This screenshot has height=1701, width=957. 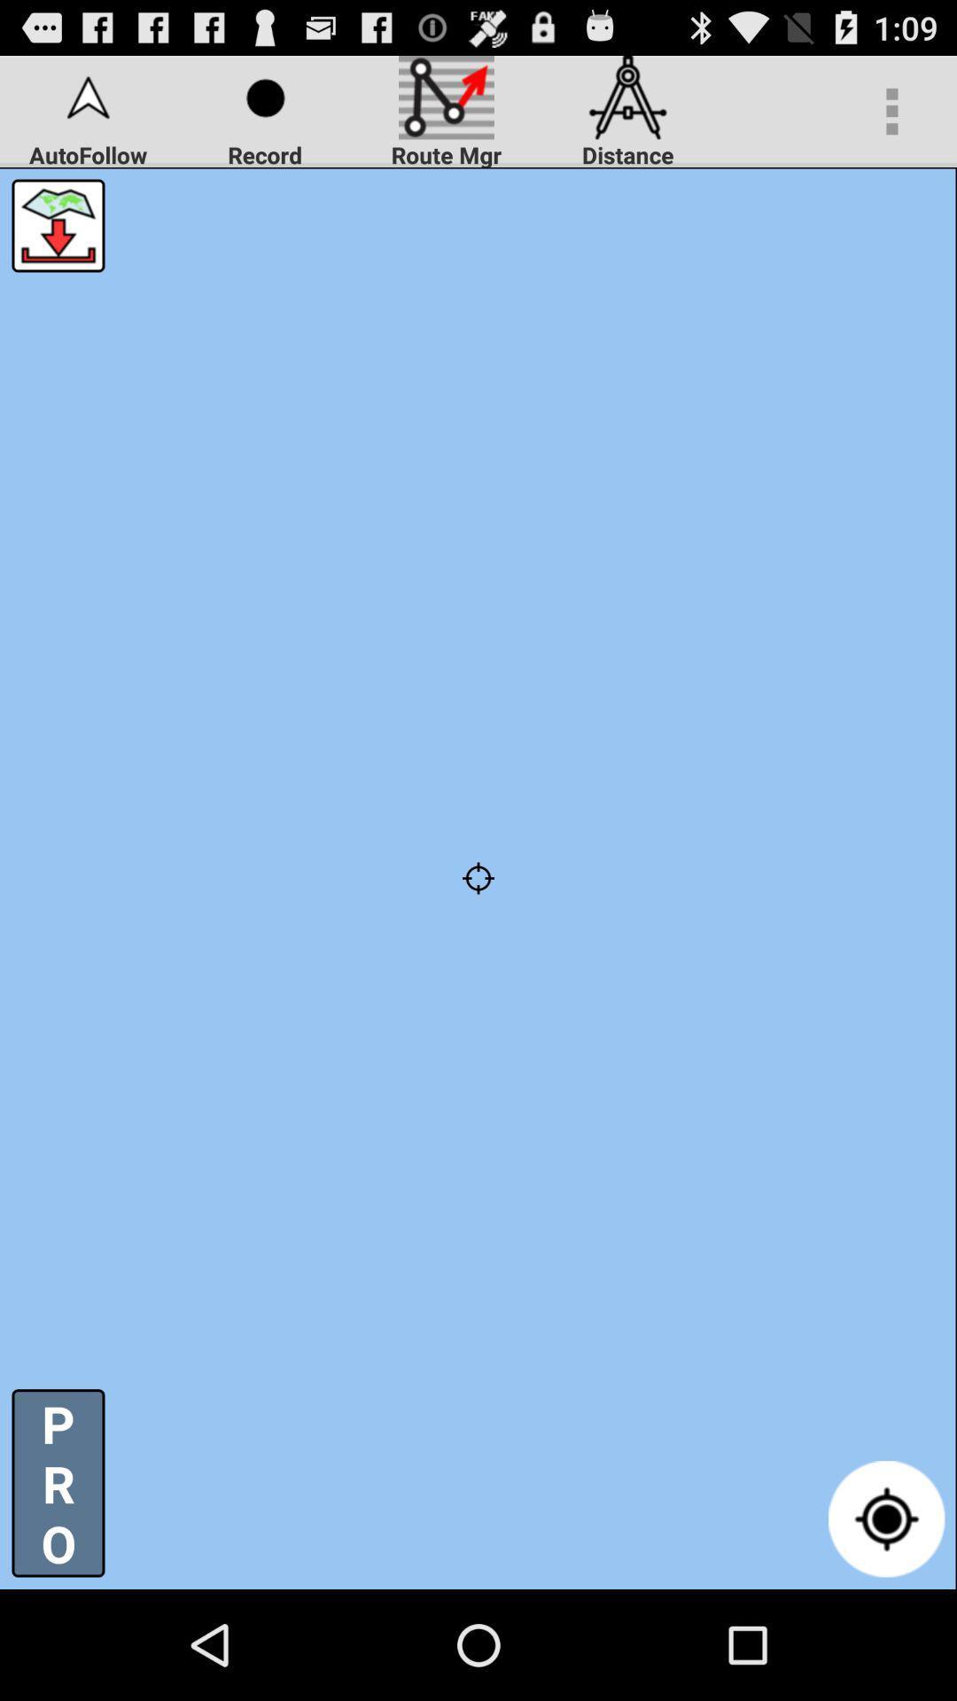 What do you see at coordinates (57, 224) in the screenshot?
I see `the icon to the left of record icon` at bounding box center [57, 224].